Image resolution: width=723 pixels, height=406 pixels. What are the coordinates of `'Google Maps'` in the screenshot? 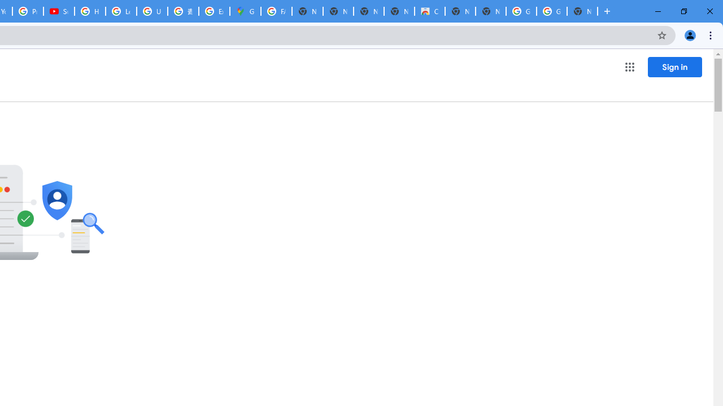 It's located at (245, 11).